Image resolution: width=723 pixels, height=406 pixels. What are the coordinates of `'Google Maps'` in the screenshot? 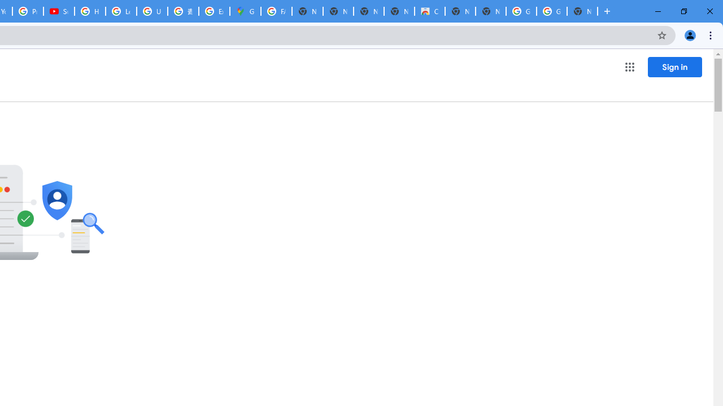 It's located at (245, 11).